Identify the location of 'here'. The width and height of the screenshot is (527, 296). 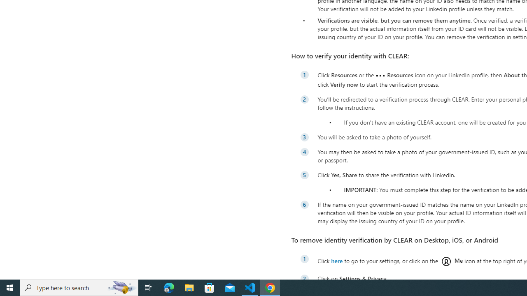
(337, 260).